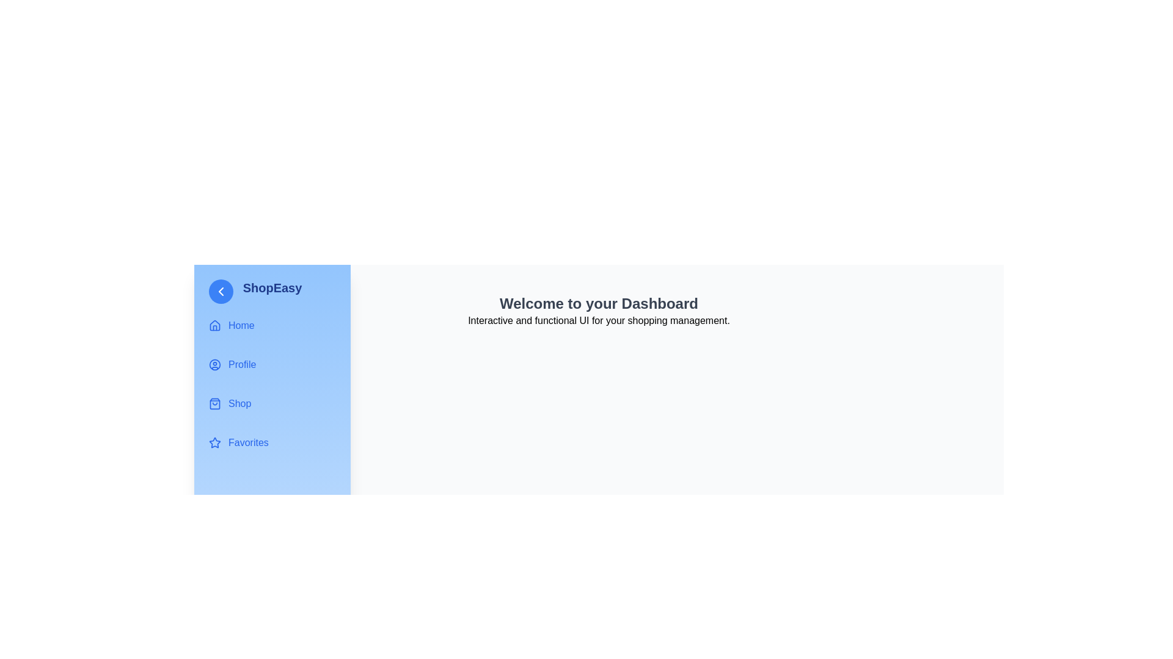 This screenshot has height=659, width=1173. Describe the element at coordinates (221, 292) in the screenshot. I see `the circular 'back' icon button located at the top-left corner of the sidebar near the 'ShopEasy' label` at that location.